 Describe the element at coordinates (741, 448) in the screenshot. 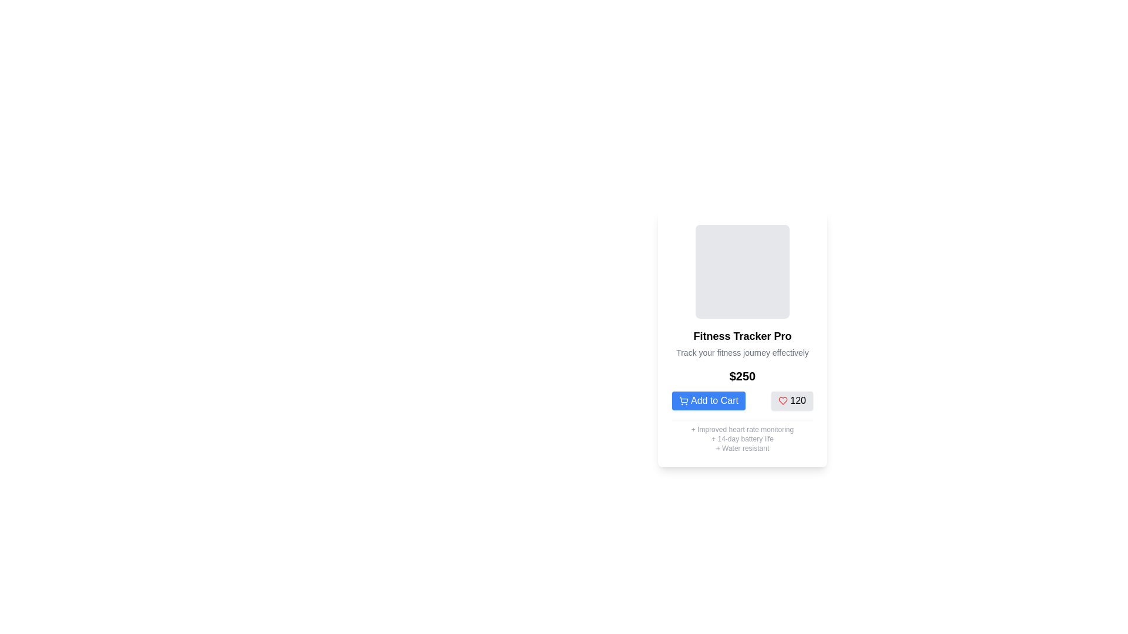

I see `text label displaying '+ Water resistant', which is the third item in the vertical list of features in the product description section` at that location.